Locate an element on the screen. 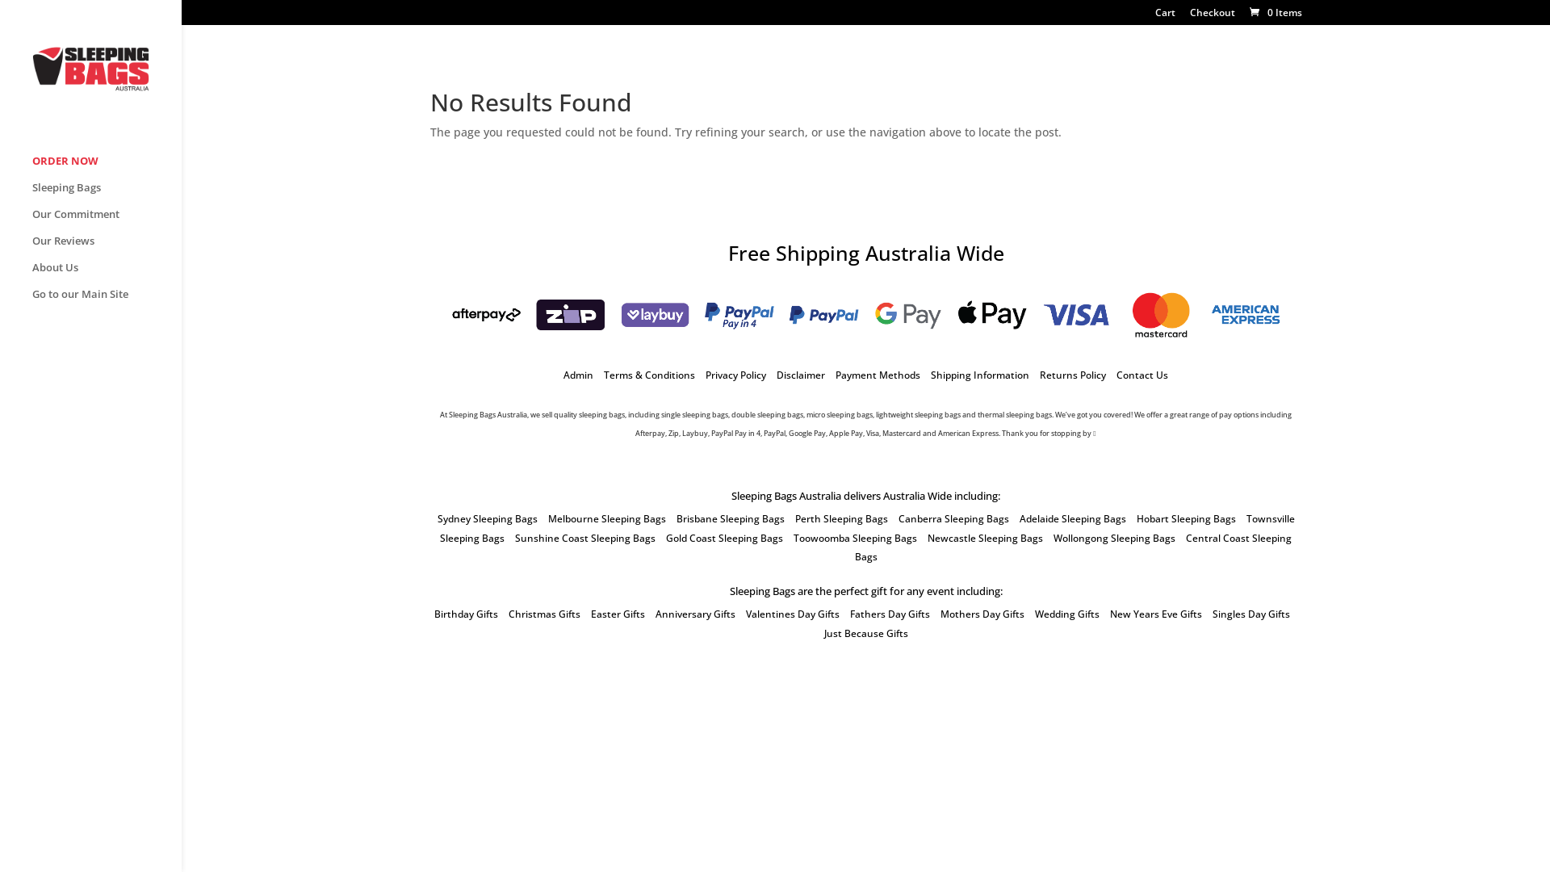  'Wedding Gifts' is located at coordinates (1066, 614).